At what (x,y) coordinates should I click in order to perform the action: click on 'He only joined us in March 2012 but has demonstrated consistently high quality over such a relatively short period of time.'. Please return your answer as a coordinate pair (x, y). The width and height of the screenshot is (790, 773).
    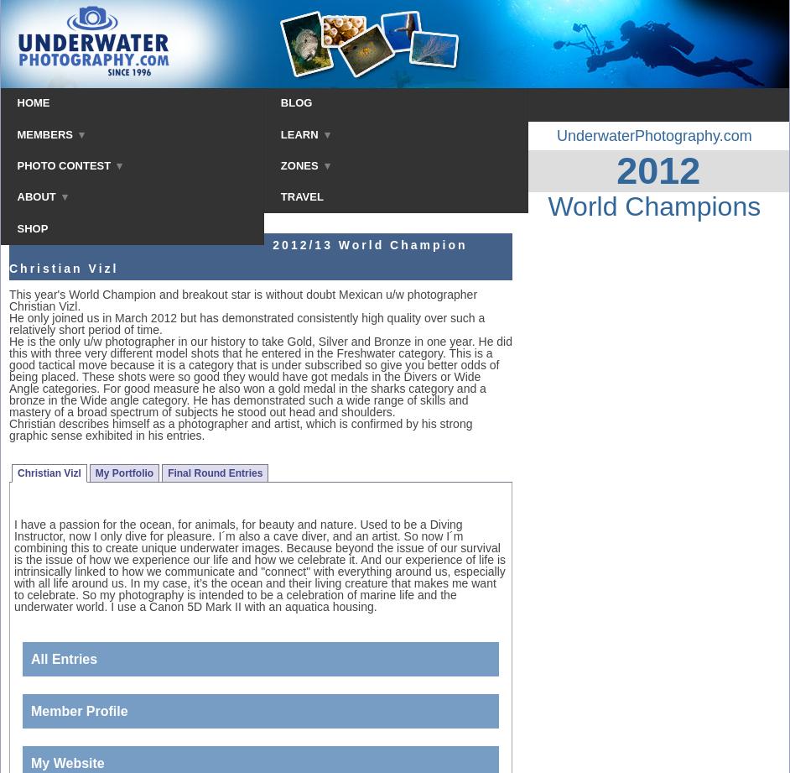
    Looking at the image, I should click on (247, 323).